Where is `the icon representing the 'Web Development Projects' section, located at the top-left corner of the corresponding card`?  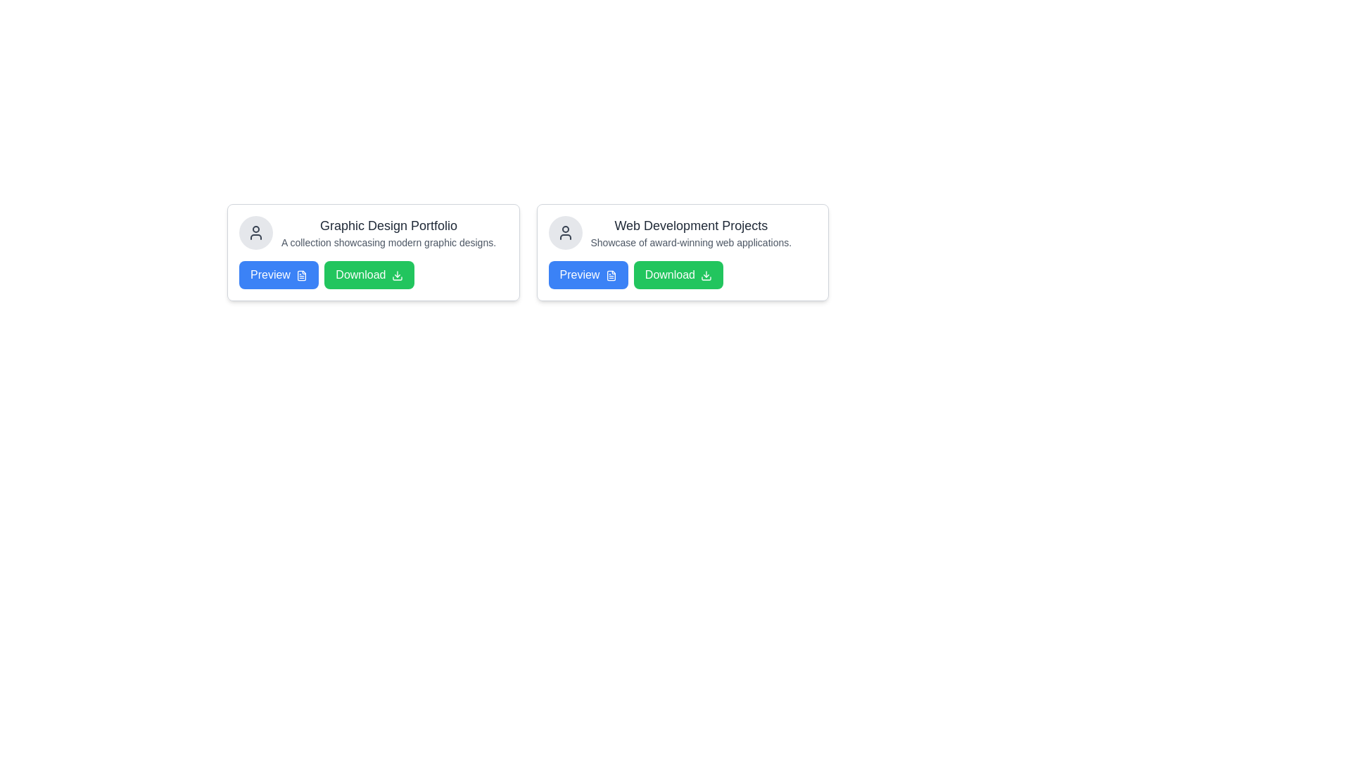
the icon representing the 'Web Development Projects' section, located at the top-left corner of the corresponding card is located at coordinates (565, 232).